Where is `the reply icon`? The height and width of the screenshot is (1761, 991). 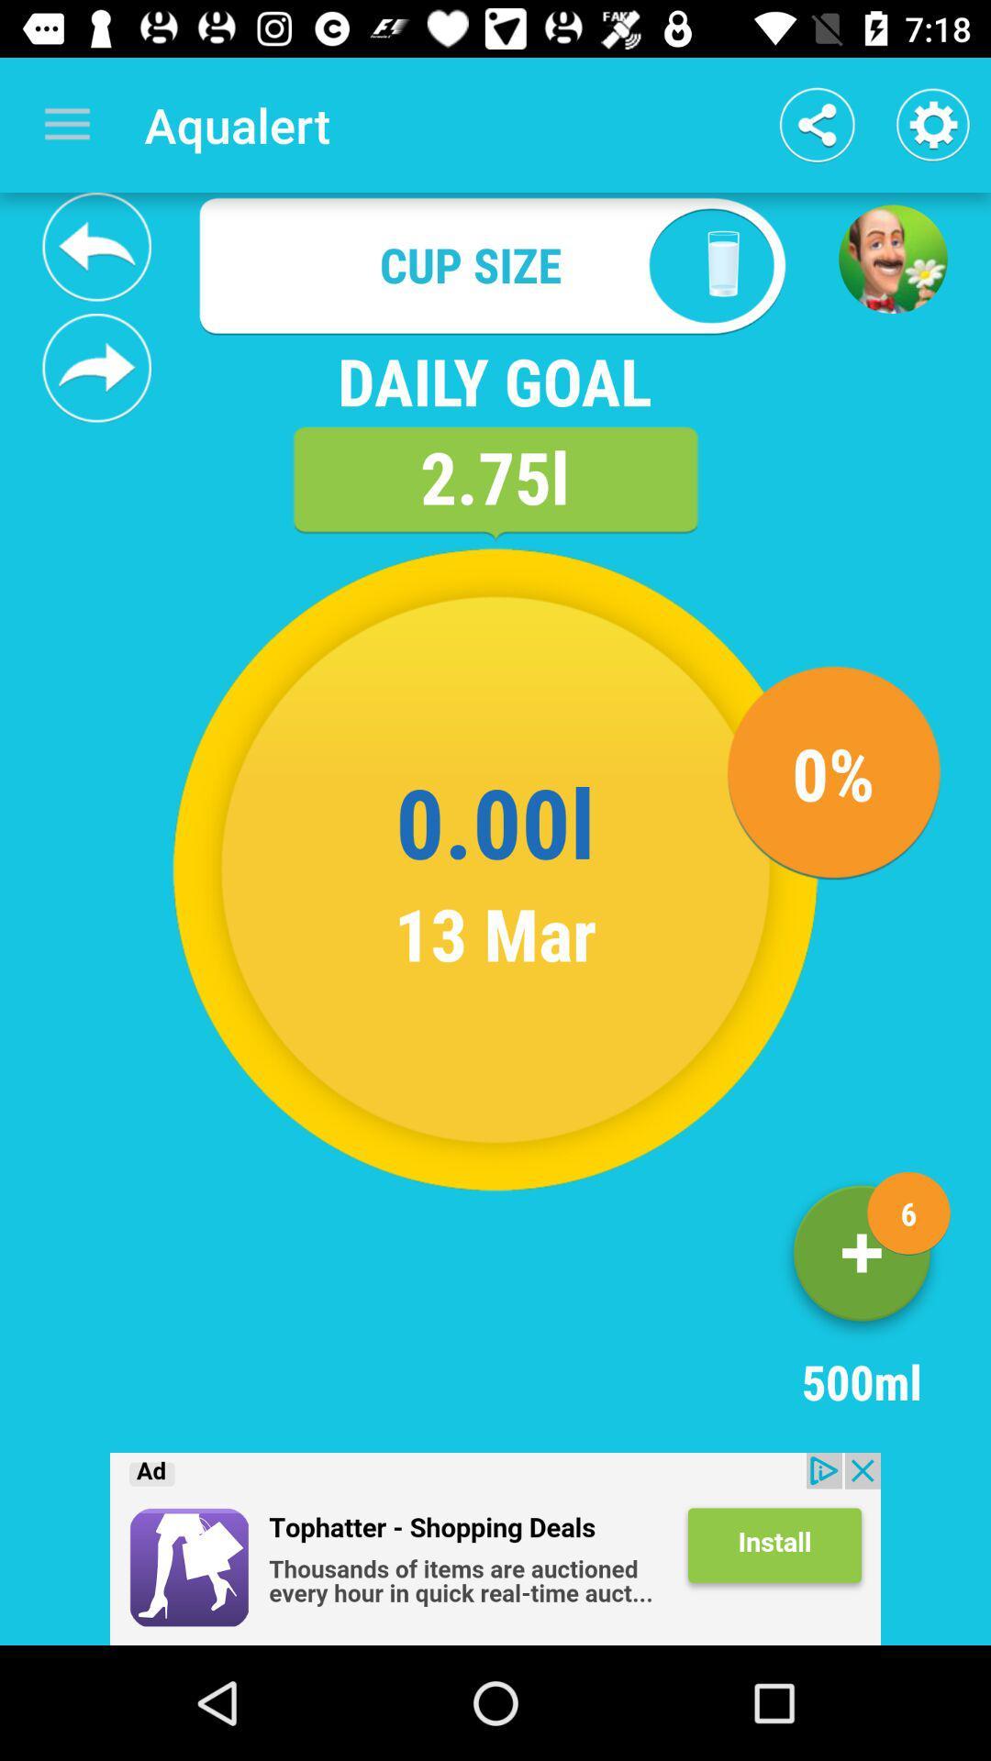 the reply icon is located at coordinates (96, 246).